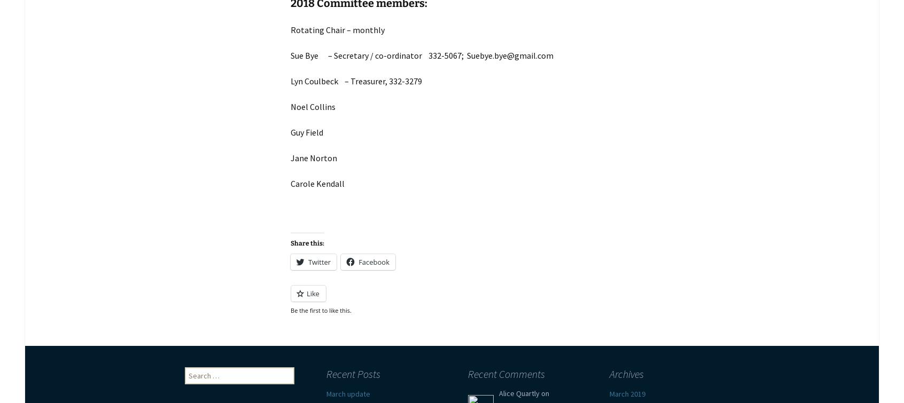 The image size is (904, 403). What do you see at coordinates (337, 30) in the screenshot?
I see `'Rotating Chair – monthly'` at bounding box center [337, 30].